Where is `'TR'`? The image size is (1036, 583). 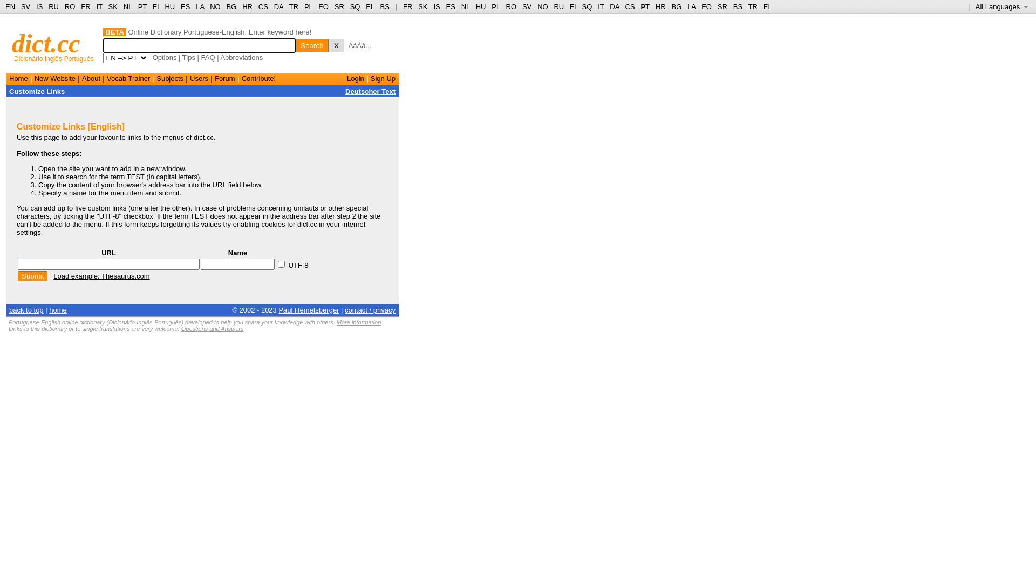 'TR' is located at coordinates (748, 6).